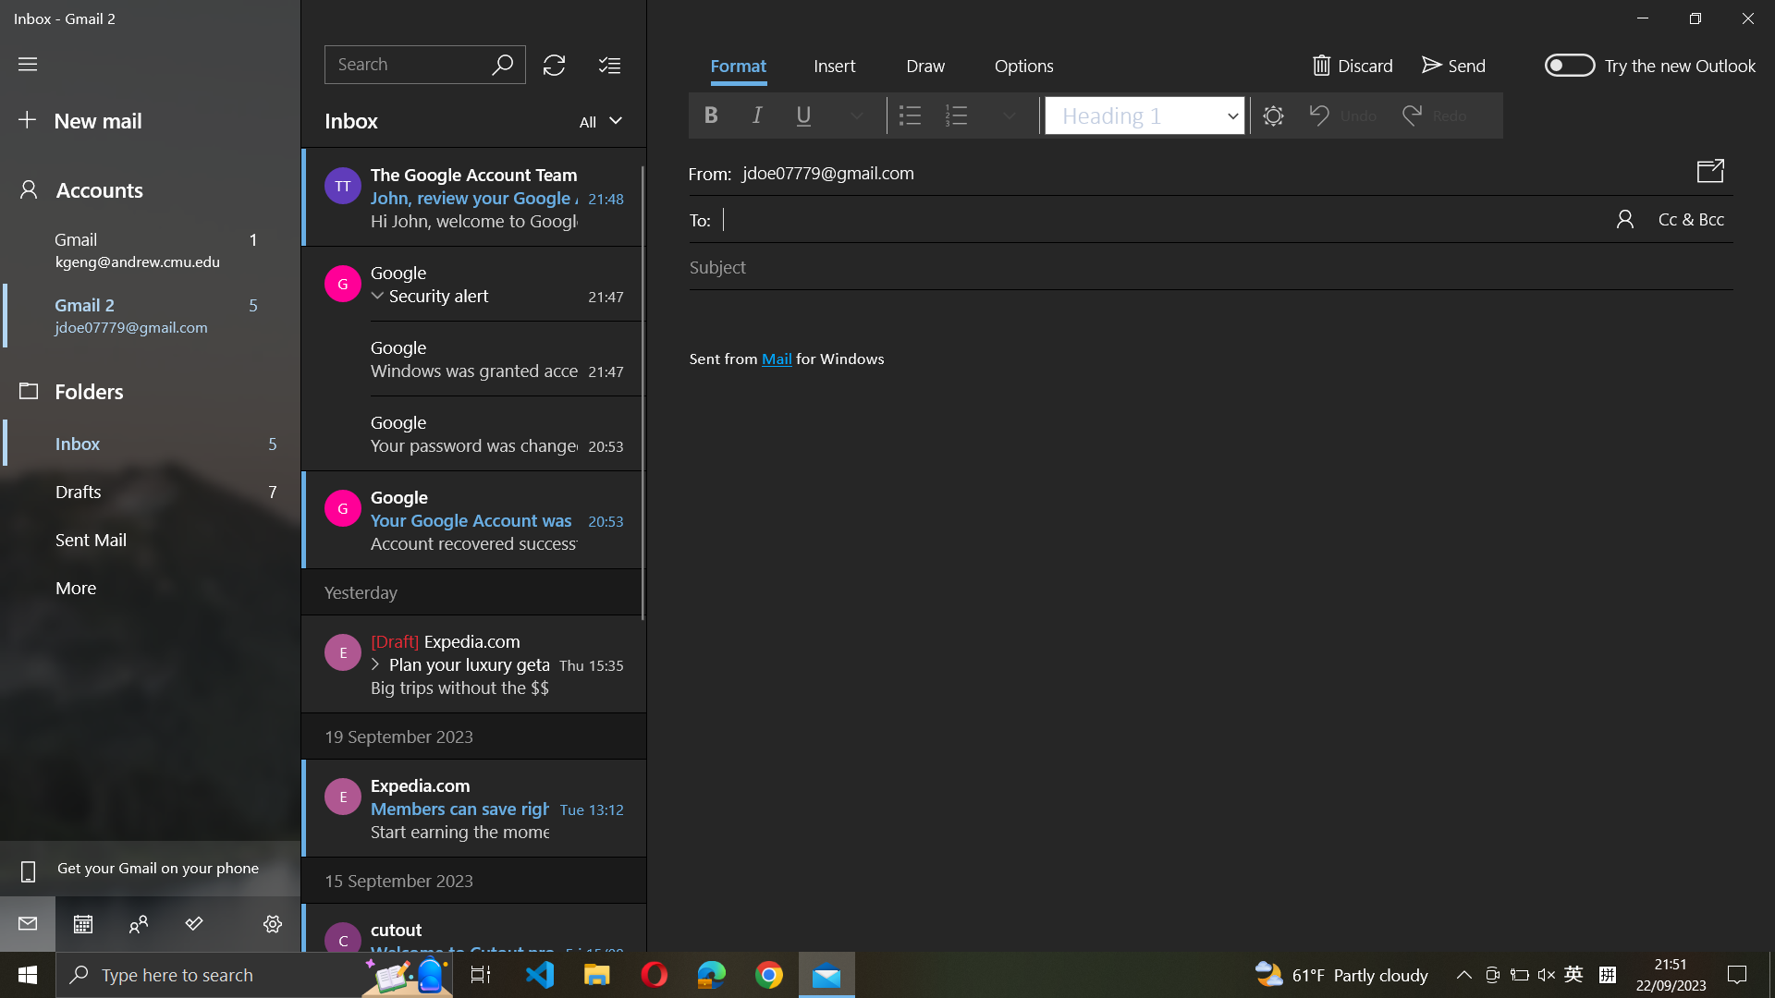  What do you see at coordinates (1217, 583) in the screenshot?
I see `Replace existing signature with "John" and apply underline styling` at bounding box center [1217, 583].